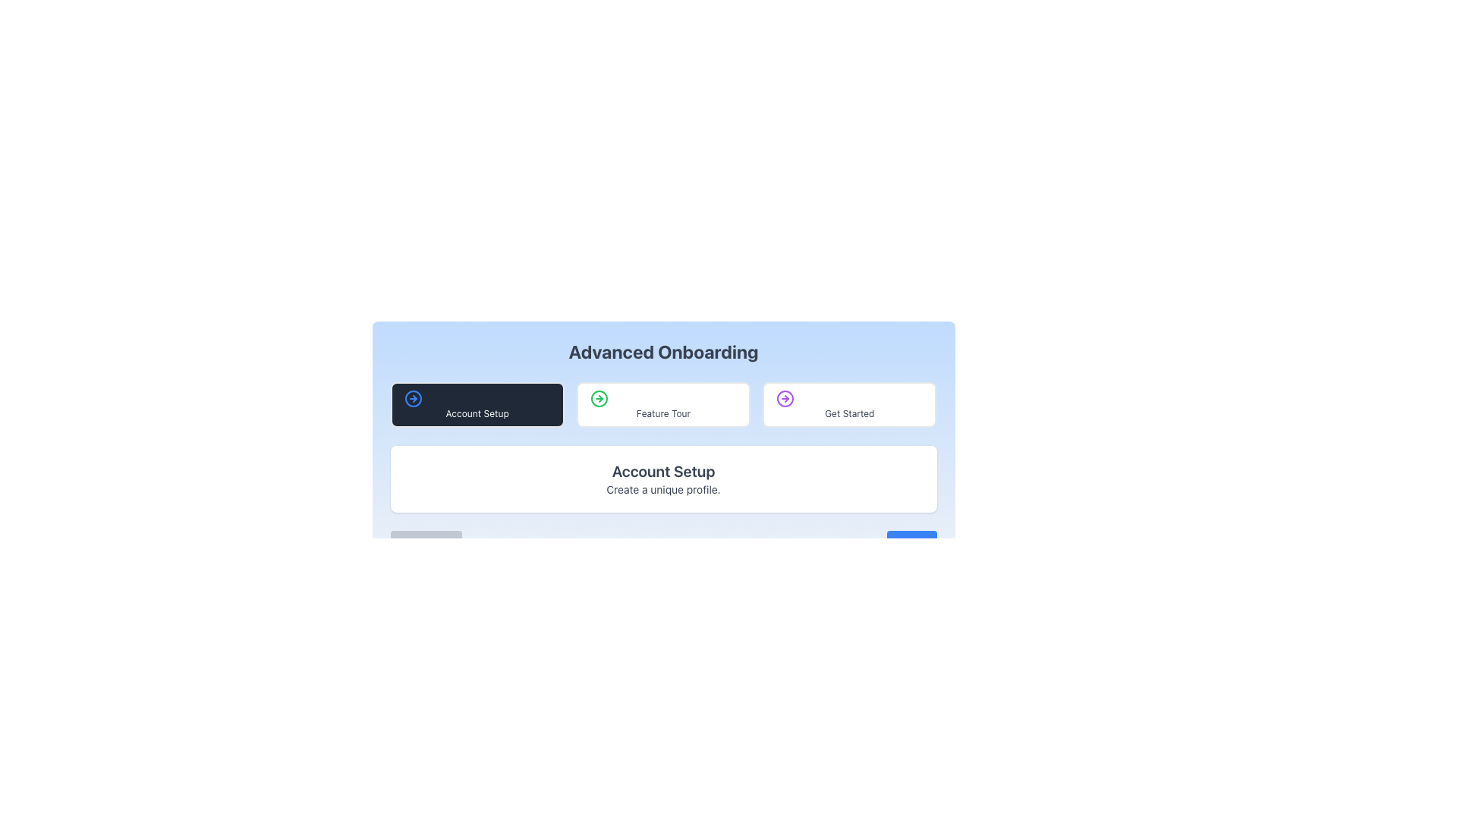 The height and width of the screenshot is (819, 1457). Describe the element at coordinates (848, 414) in the screenshot. I see `text label indicating 'Get Started' located in the center of the rightmost card under the 'Advanced Onboarding' header` at that location.